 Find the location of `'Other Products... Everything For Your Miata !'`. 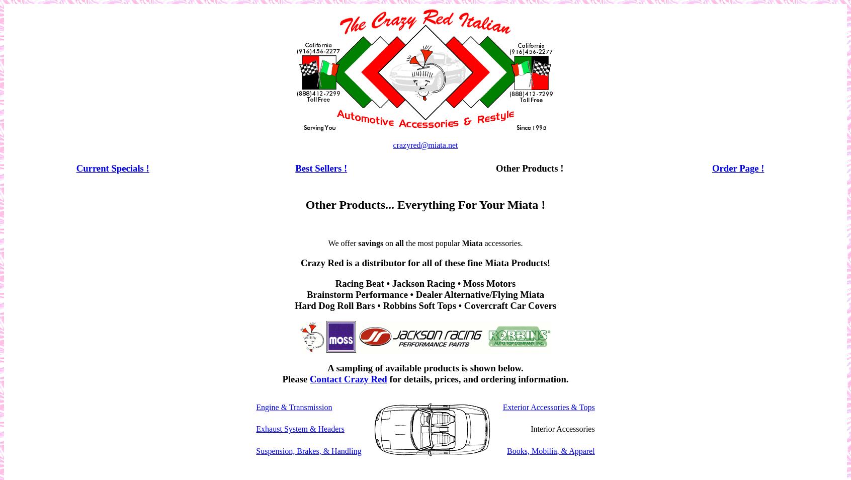

'Other Products... Everything For Your Miata !' is located at coordinates (304, 204).